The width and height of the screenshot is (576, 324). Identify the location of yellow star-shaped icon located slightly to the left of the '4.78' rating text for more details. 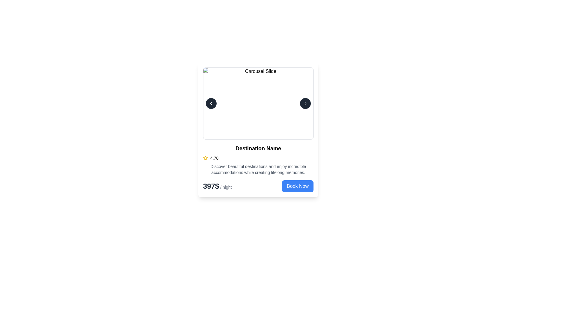
(205, 157).